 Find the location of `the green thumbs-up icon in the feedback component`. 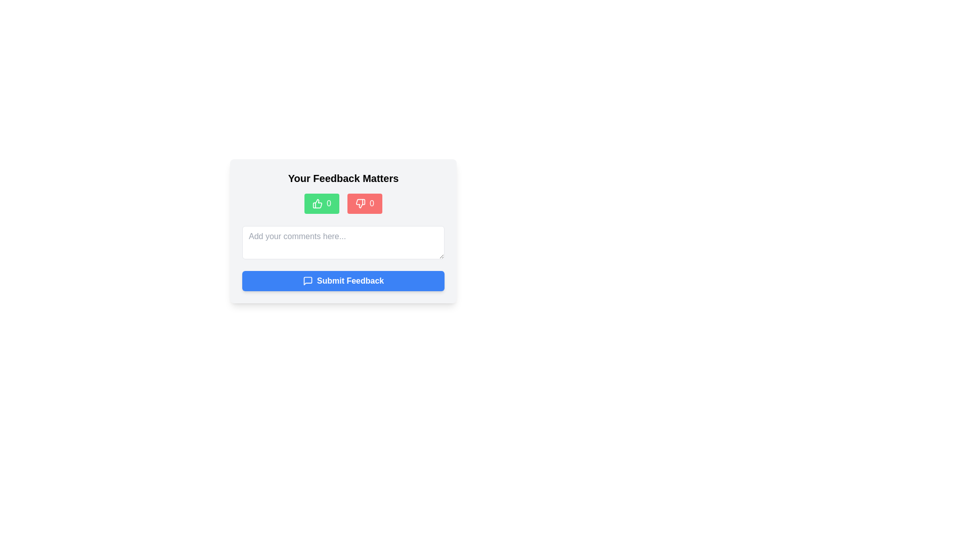

the green thumbs-up icon in the feedback component is located at coordinates (317, 203).